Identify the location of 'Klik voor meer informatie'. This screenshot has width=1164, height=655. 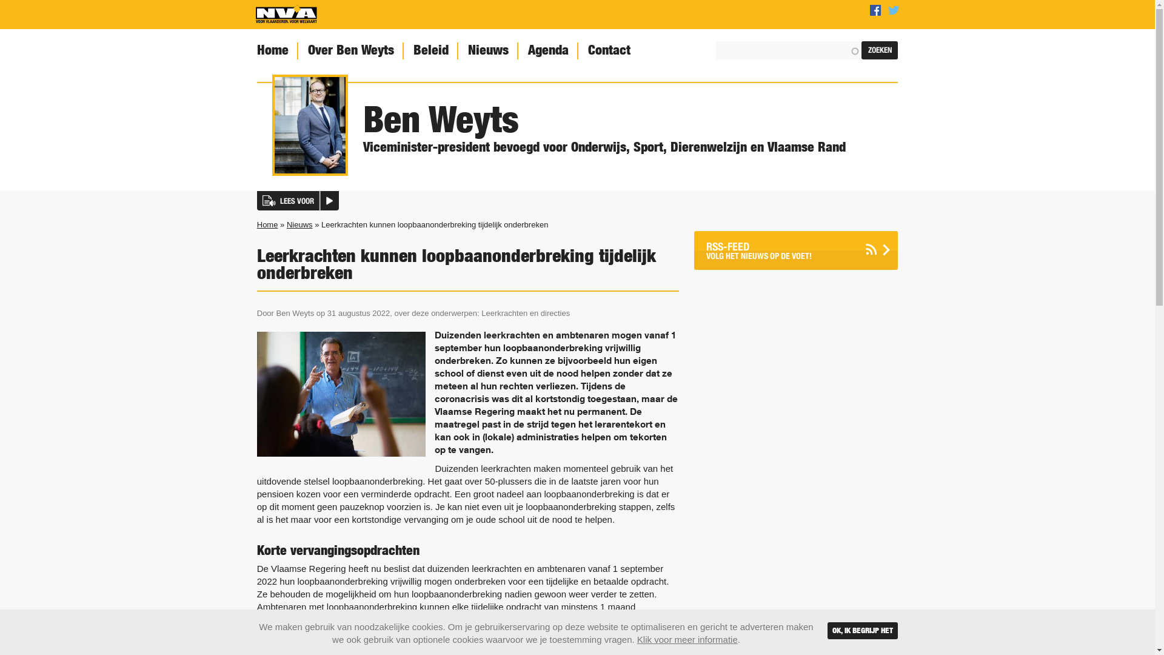
(687, 639).